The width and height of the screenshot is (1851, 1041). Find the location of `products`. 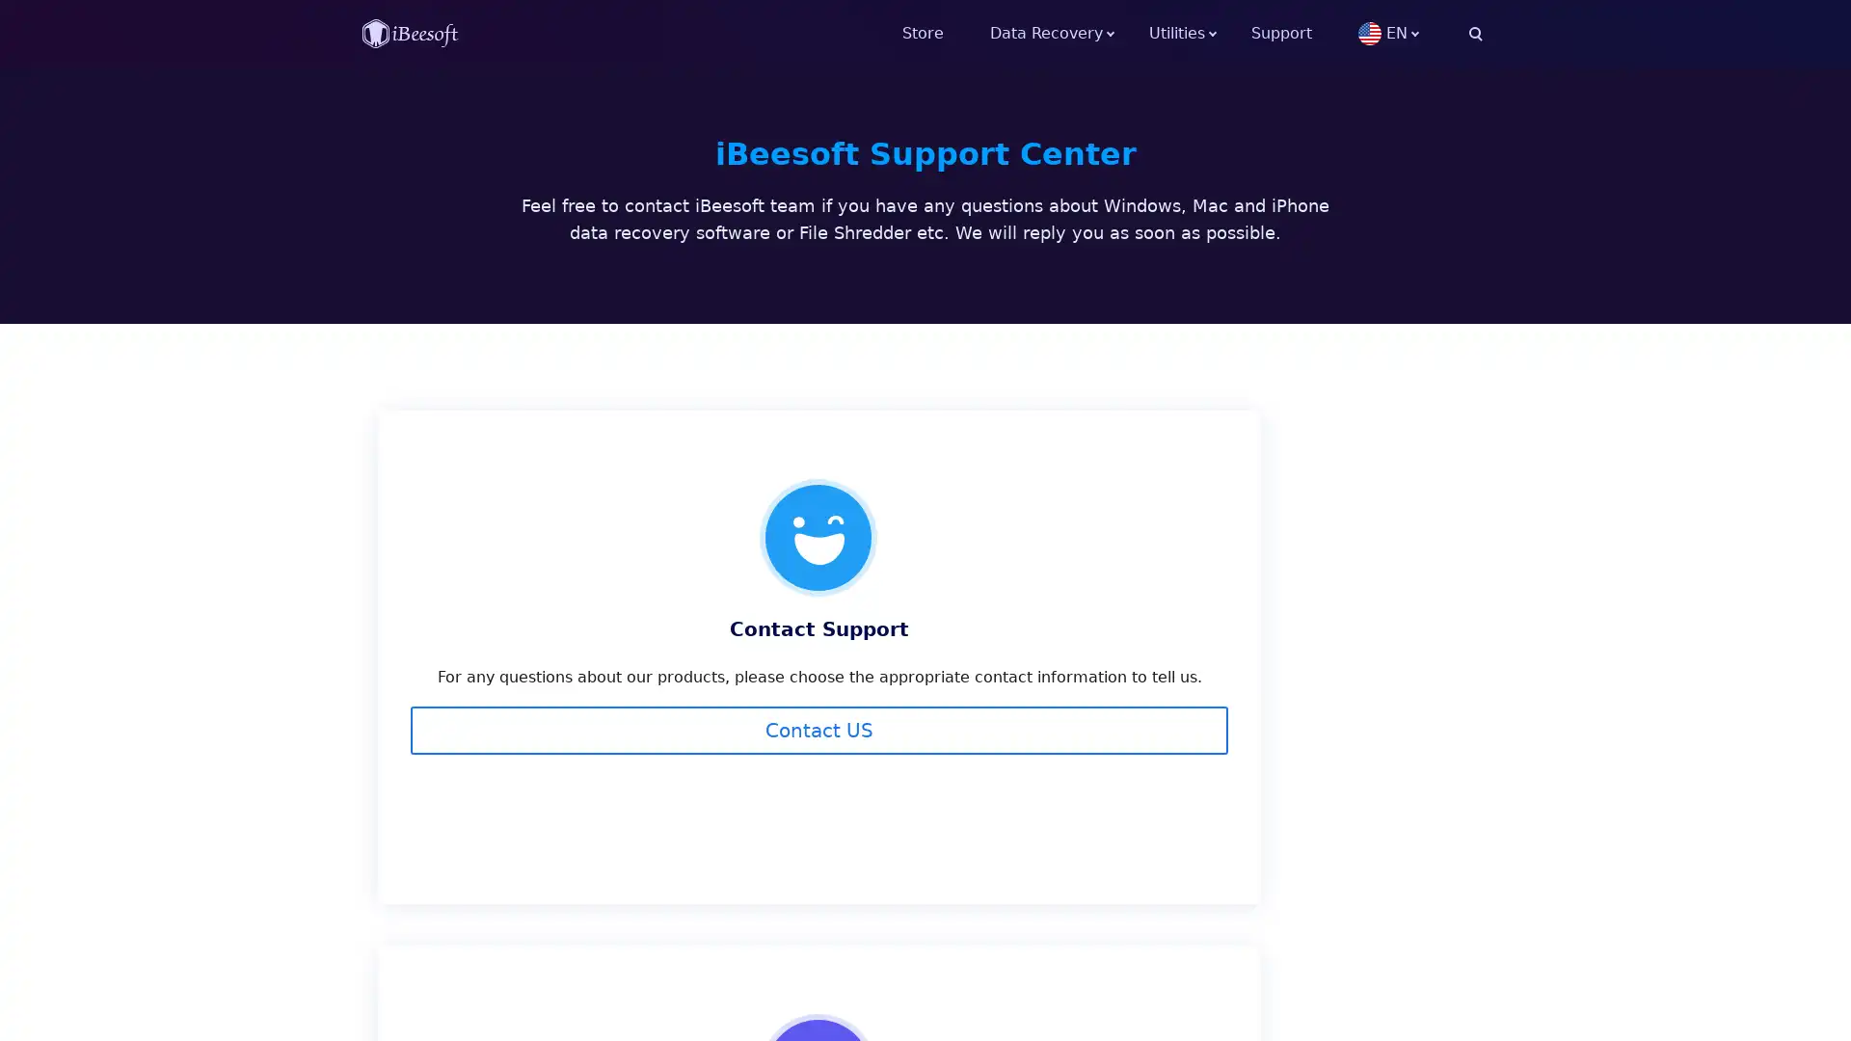

products is located at coordinates (1198, 33).